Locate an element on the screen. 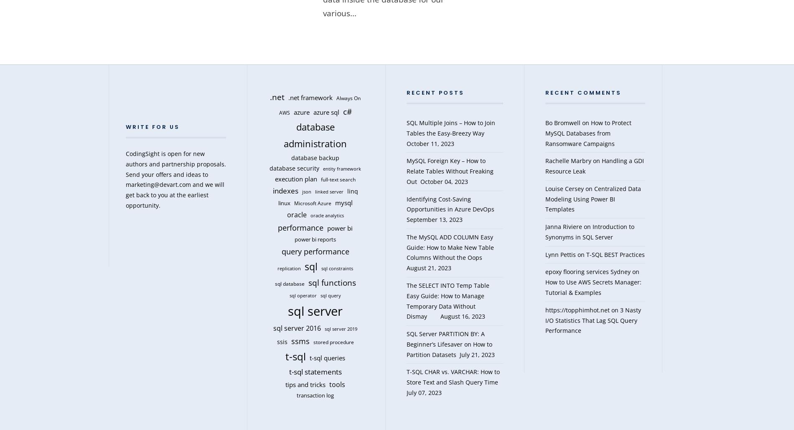 Image resolution: width=794 pixels, height=430 pixels. 'query performance' is located at coordinates (314, 251).